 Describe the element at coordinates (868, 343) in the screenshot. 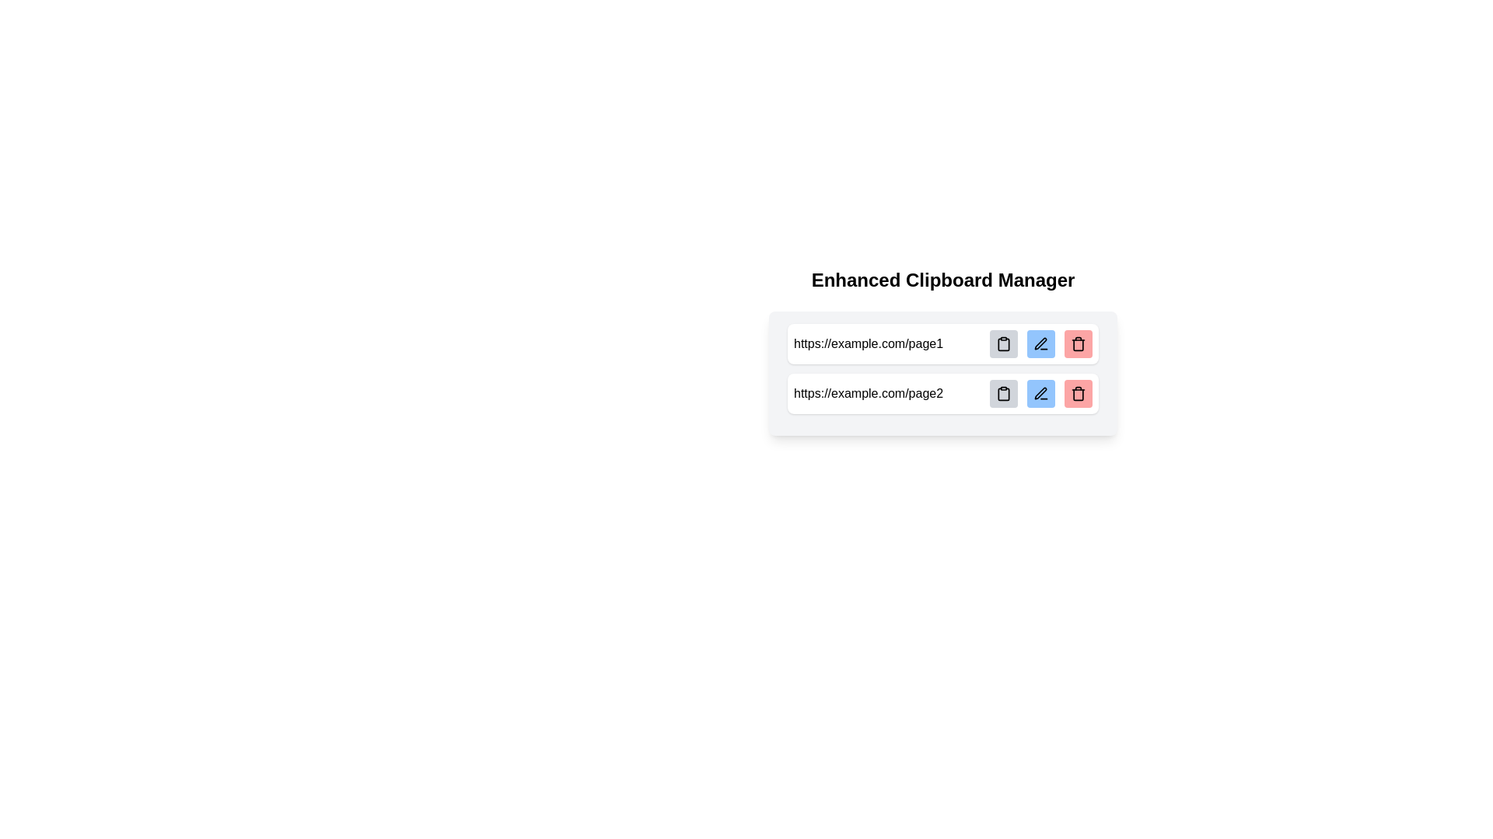

I see `the static text element displaying the URL 'https://example.com/page1' located in the first row of a list, positioned on the left side adjacent to interactive icon buttons` at that location.